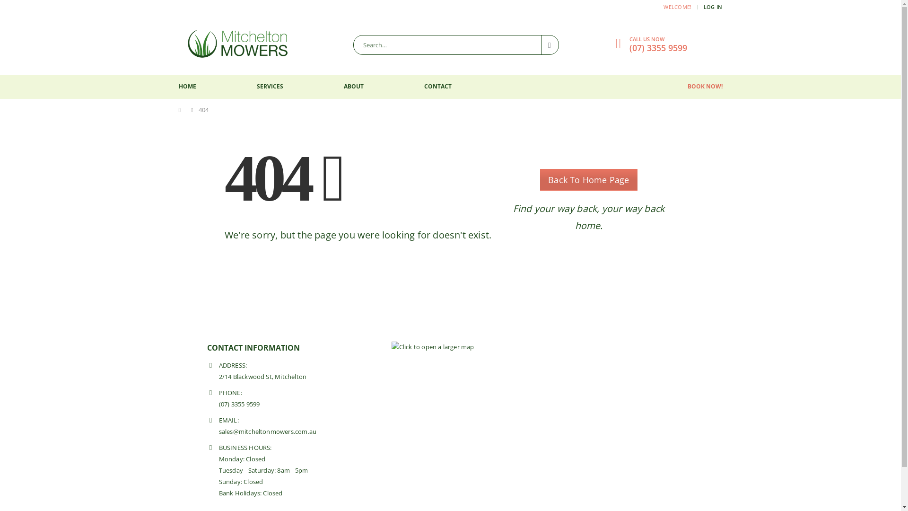 The image size is (908, 511). Describe the element at coordinates (432, 347) in the screenshot. I see `'Click to open a larger map'` at that location.